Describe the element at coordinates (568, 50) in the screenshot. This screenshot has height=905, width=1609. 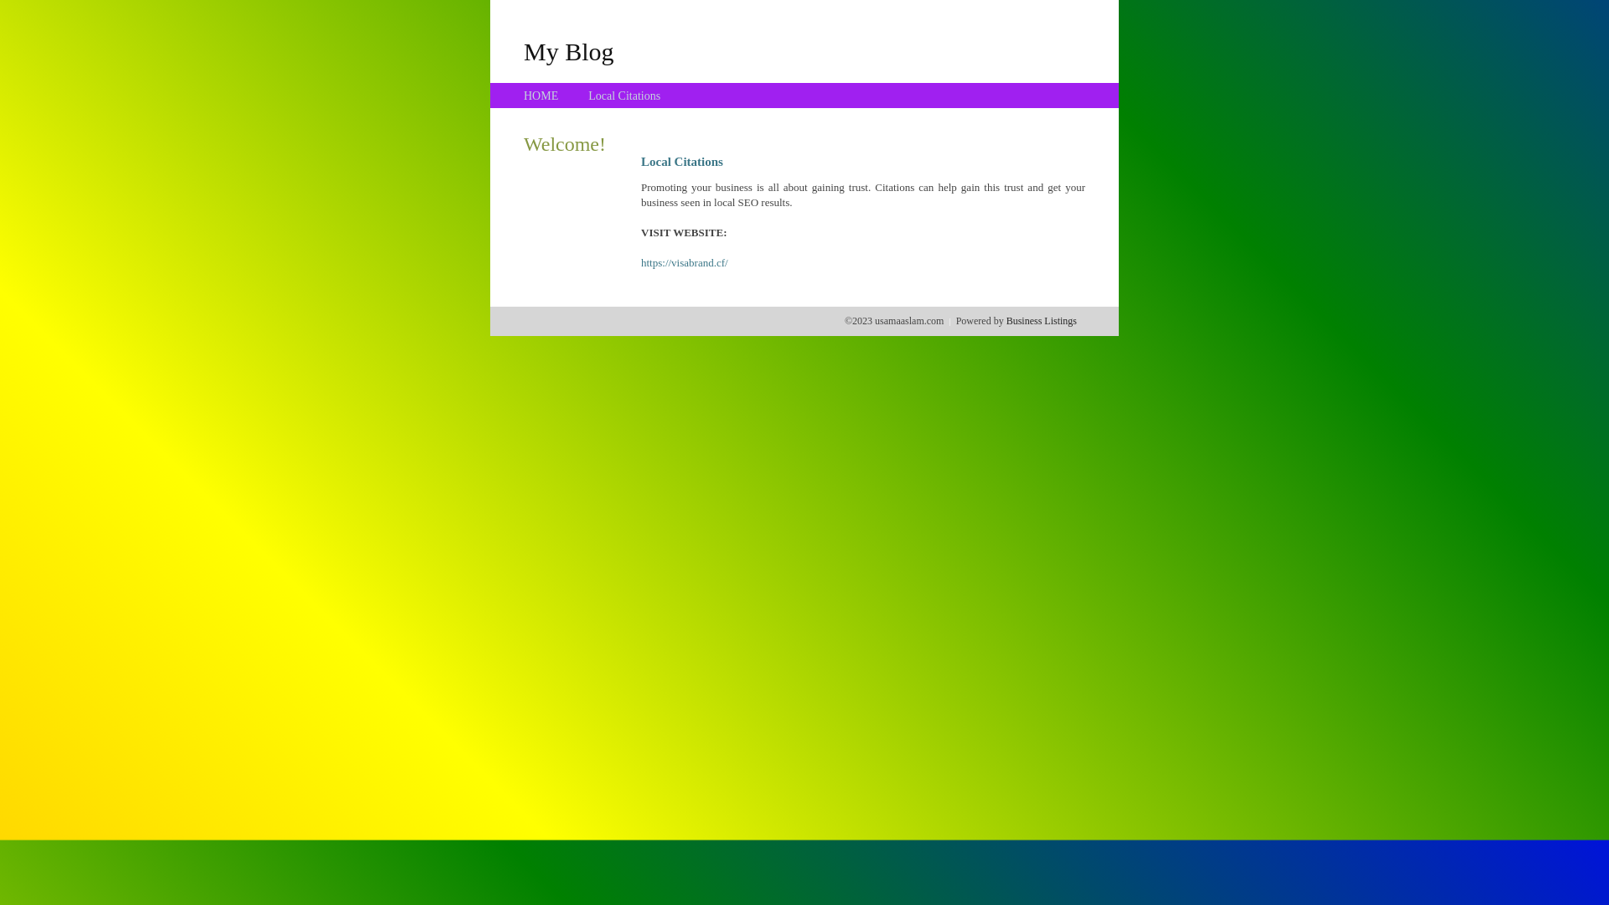
I see `'My Blog'` at that location.